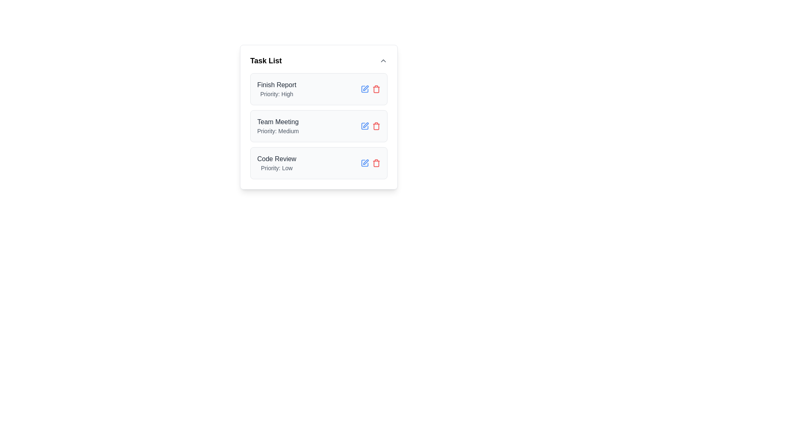 The height and width of the screenshot is (444, 789). Describe the element at coordinates (278, 131) in the screenshot. I see `the Text Label that displays the priority level of the task located directly below 'Team Meeting' in the second task card` at that location.